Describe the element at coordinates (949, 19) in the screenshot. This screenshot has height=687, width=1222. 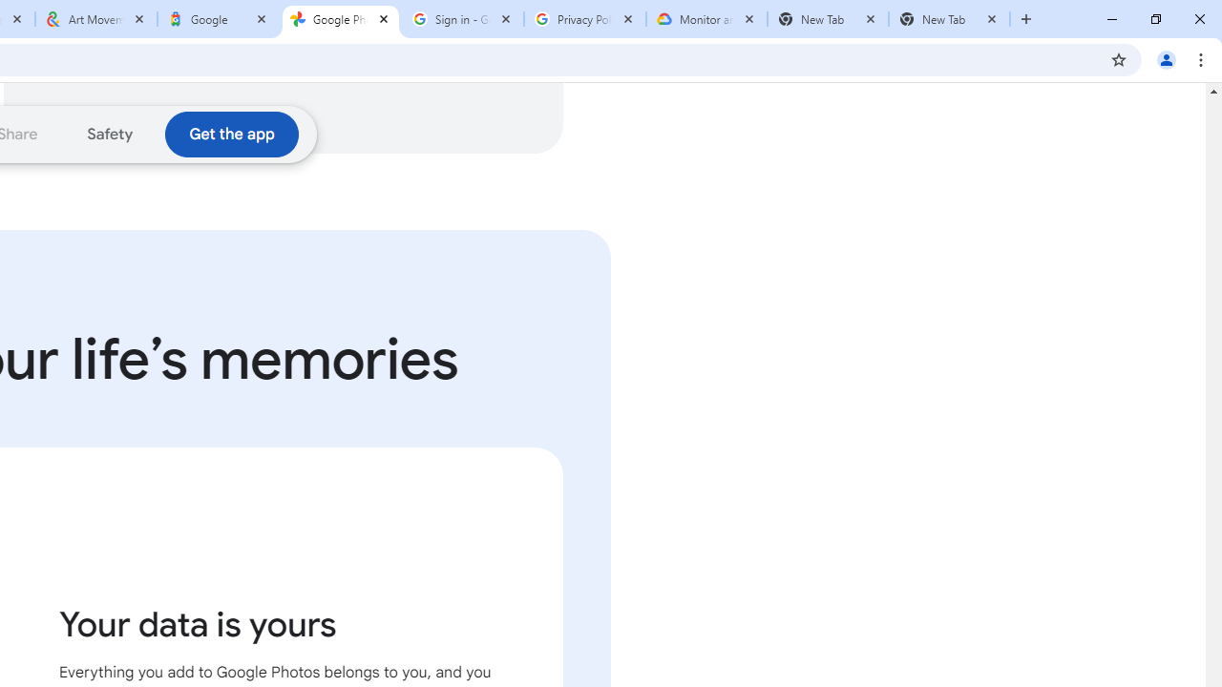
I see `'New Tab'` at that location.